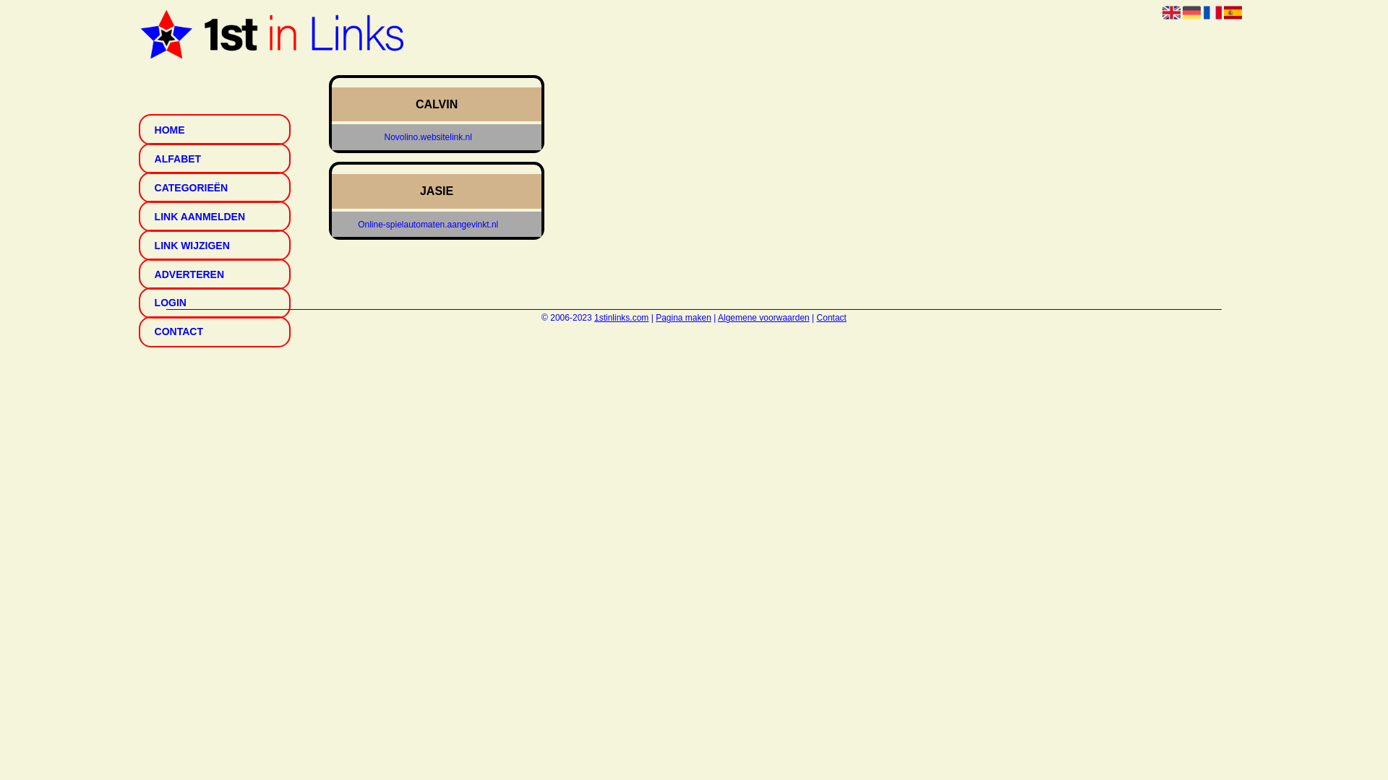 This screenshot has height=780, width=1388. Describe the element at coordinates (682, 316) in the screenshot. I see `'Pagina maken'` at that location.